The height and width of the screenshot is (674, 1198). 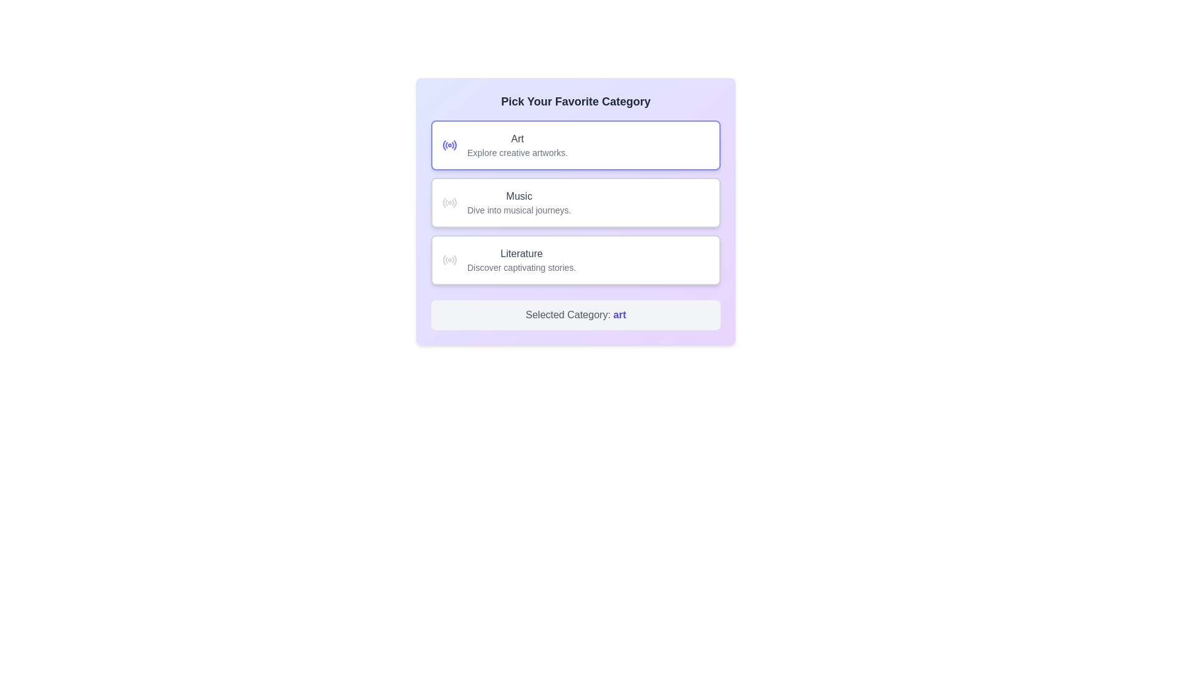 I want to click on the text label displaying 'Literature', which is part of a vertically aligned list of selectable items, so click(x=522, y=253).